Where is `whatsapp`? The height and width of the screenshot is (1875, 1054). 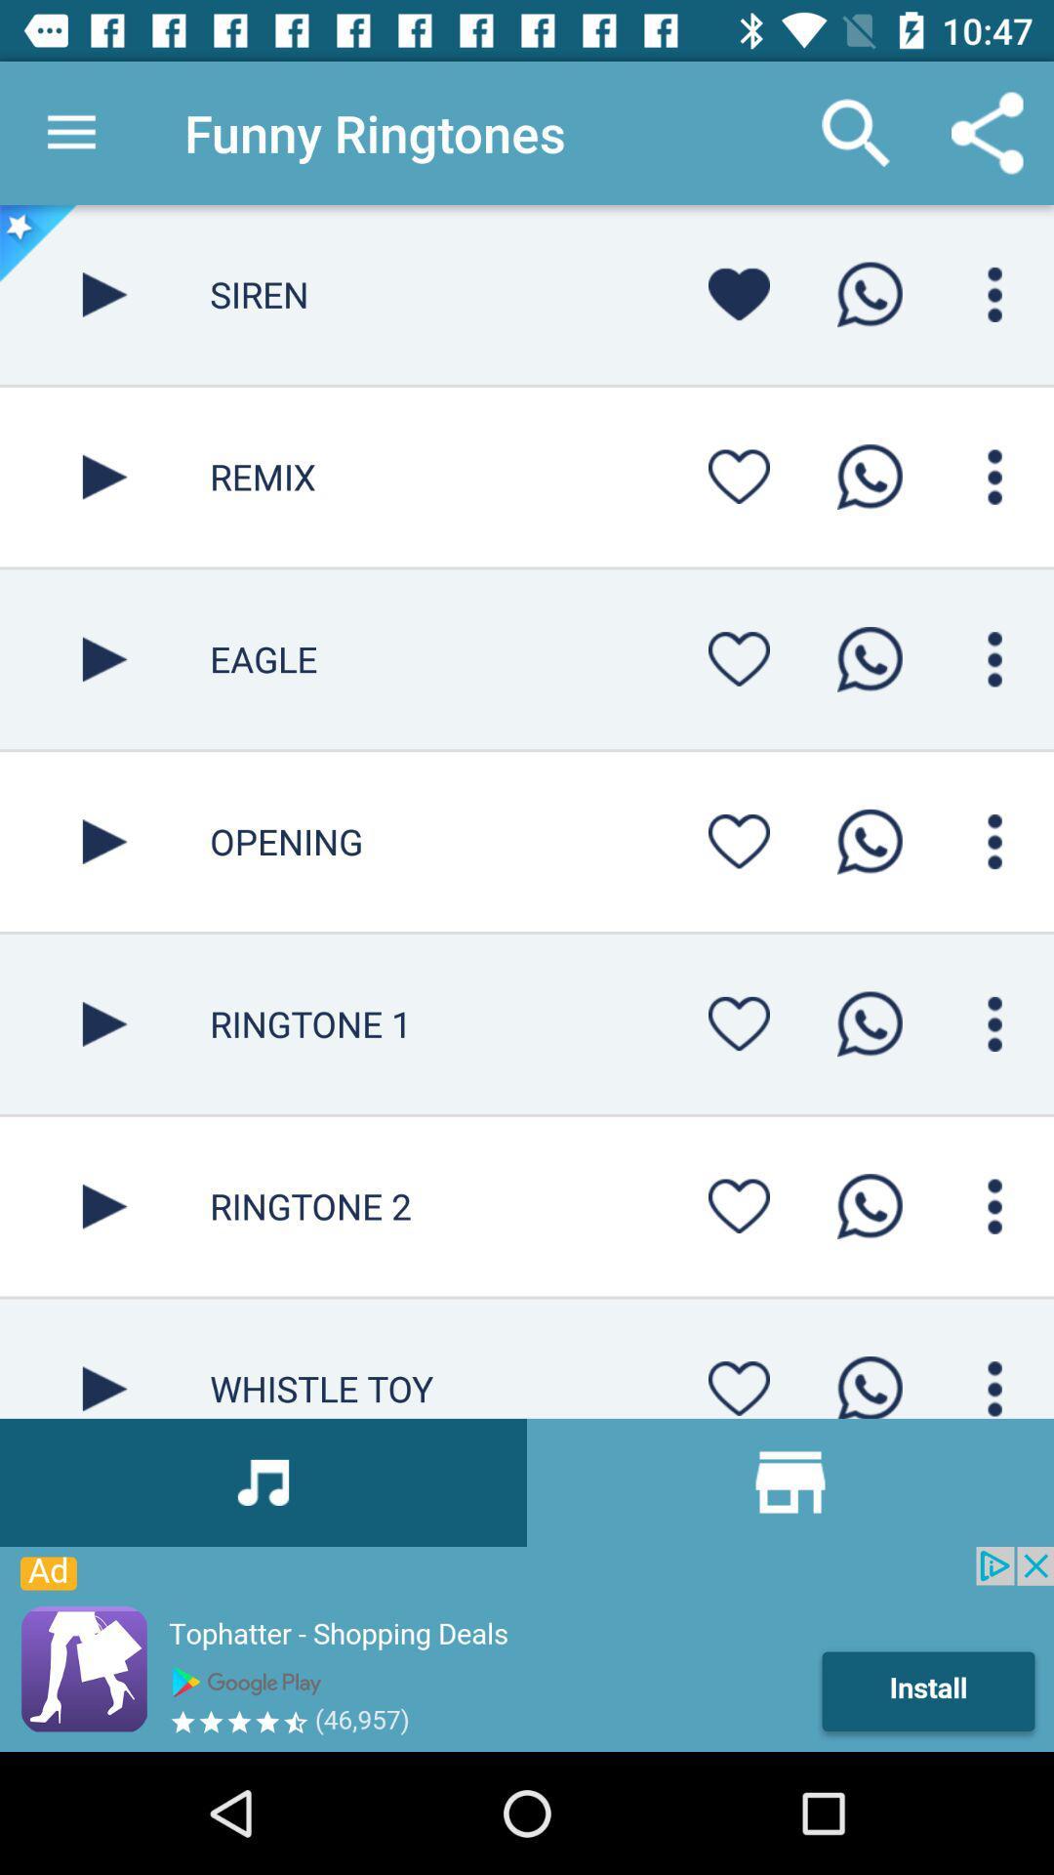
whatsapp is located at coordinates (869, 842).